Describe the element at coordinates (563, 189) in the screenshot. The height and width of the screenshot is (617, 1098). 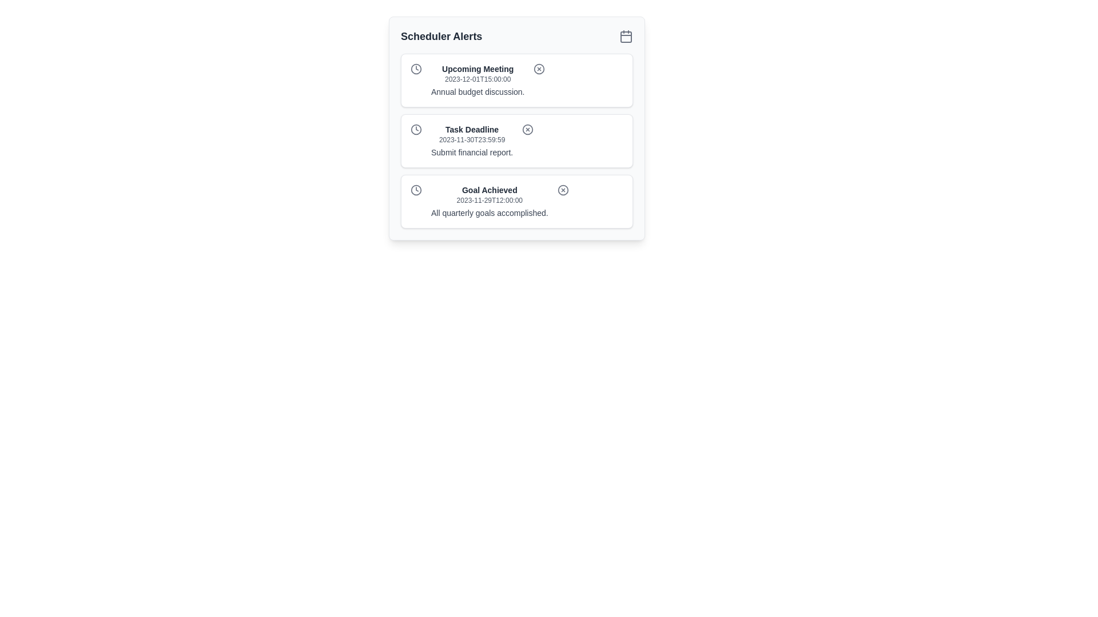
I see `the dismiss button located in the 'Goal Achieved' section, positioned to the right of the 'Goal Achieved' text` at that location.